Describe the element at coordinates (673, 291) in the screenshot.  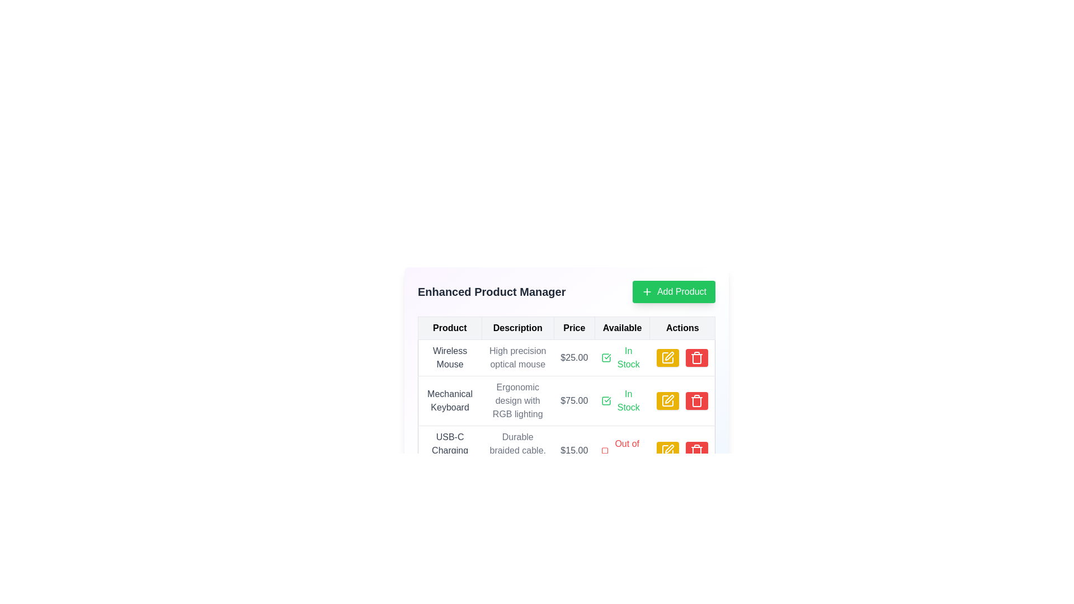
I see `the green 'Add Product' button located in the top-right corner of the 'Enhanced Product Manager' section to initiate adding a product` at that location.